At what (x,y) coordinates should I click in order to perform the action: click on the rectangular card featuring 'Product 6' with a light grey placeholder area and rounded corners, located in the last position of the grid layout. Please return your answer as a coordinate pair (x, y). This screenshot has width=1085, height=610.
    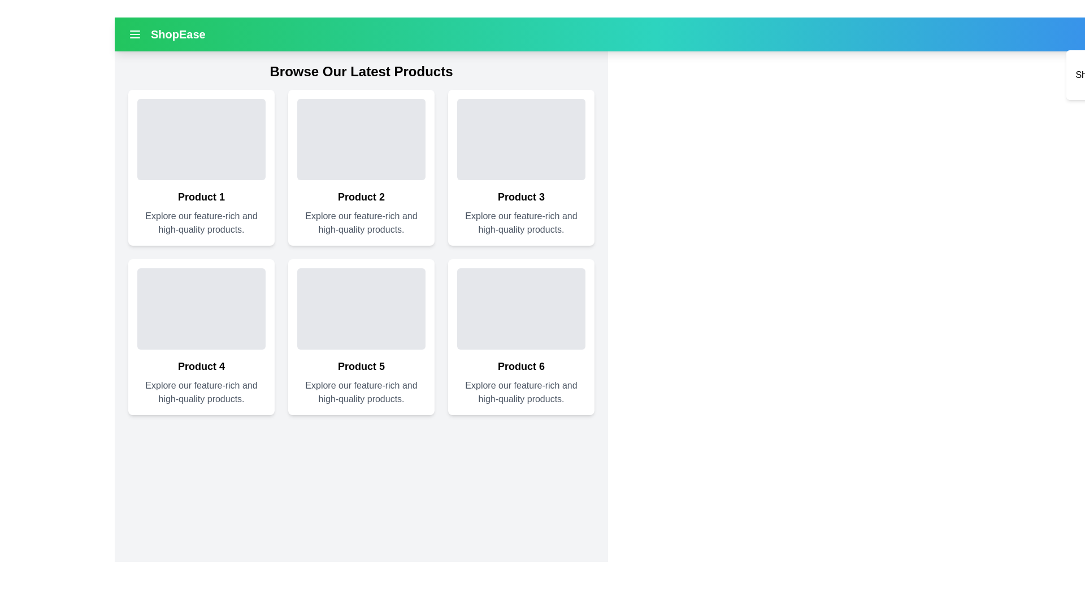
    Looking at the image, I should click on (520, 337).